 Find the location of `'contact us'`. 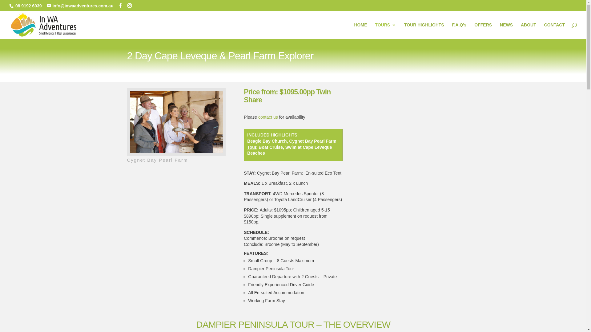

'contact us' is located at coordinates (268, 117).